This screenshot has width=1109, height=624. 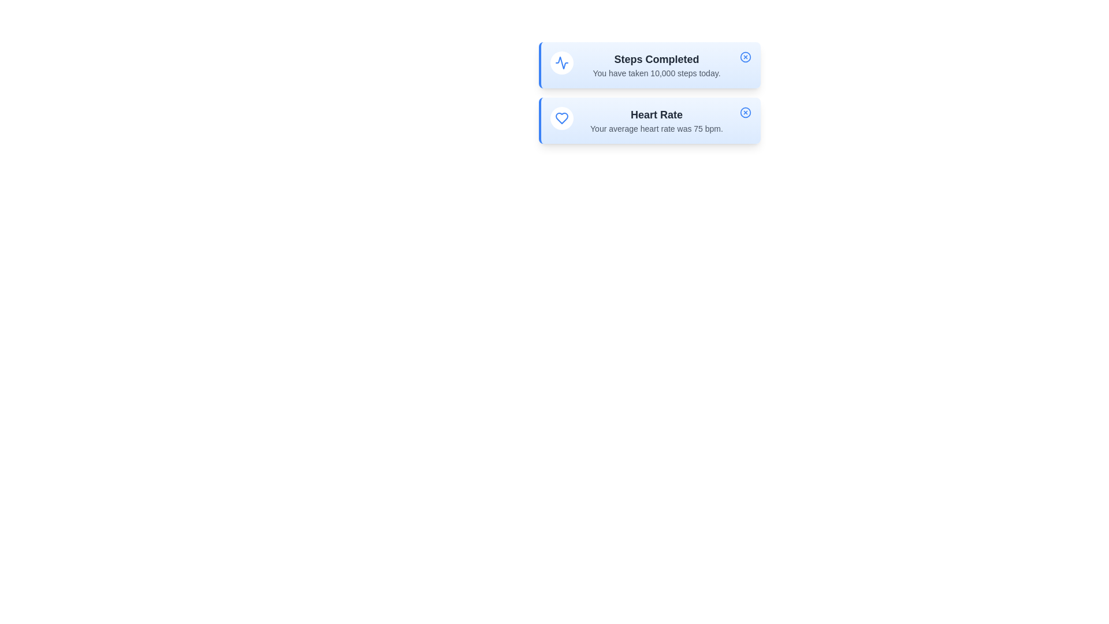 What do you see at coordinates (562, 62) in the screenshot?
I see `the icon representing the activity type Steps Completed` at bounding box center [562, 62].